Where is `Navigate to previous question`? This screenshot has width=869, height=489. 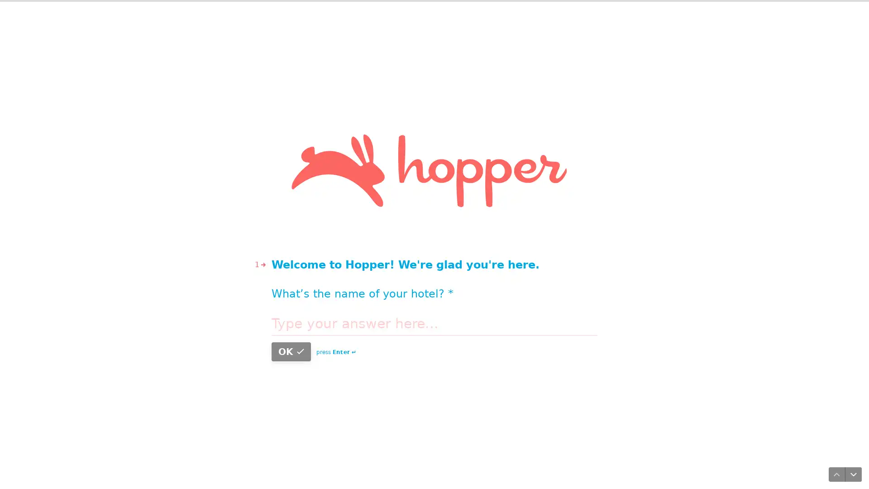
Navigate to previous question is located at coordinates (833, 470).